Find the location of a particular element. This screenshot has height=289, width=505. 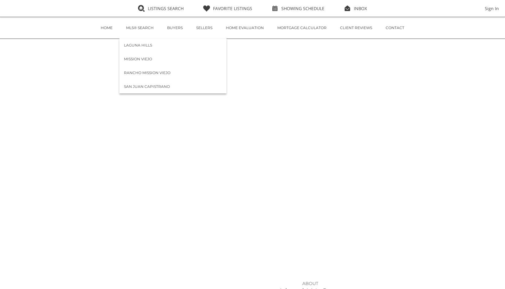

'Favorite Listings' is located at coordinates (232, 8).